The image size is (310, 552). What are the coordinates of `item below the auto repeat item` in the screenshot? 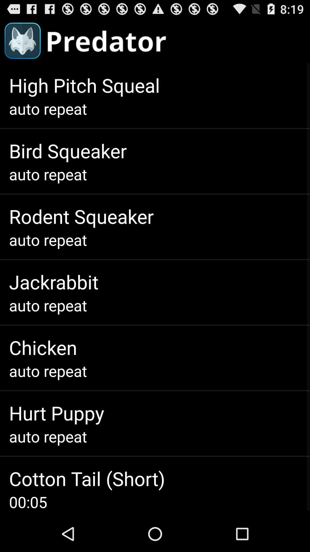 It's located at (81, 216).